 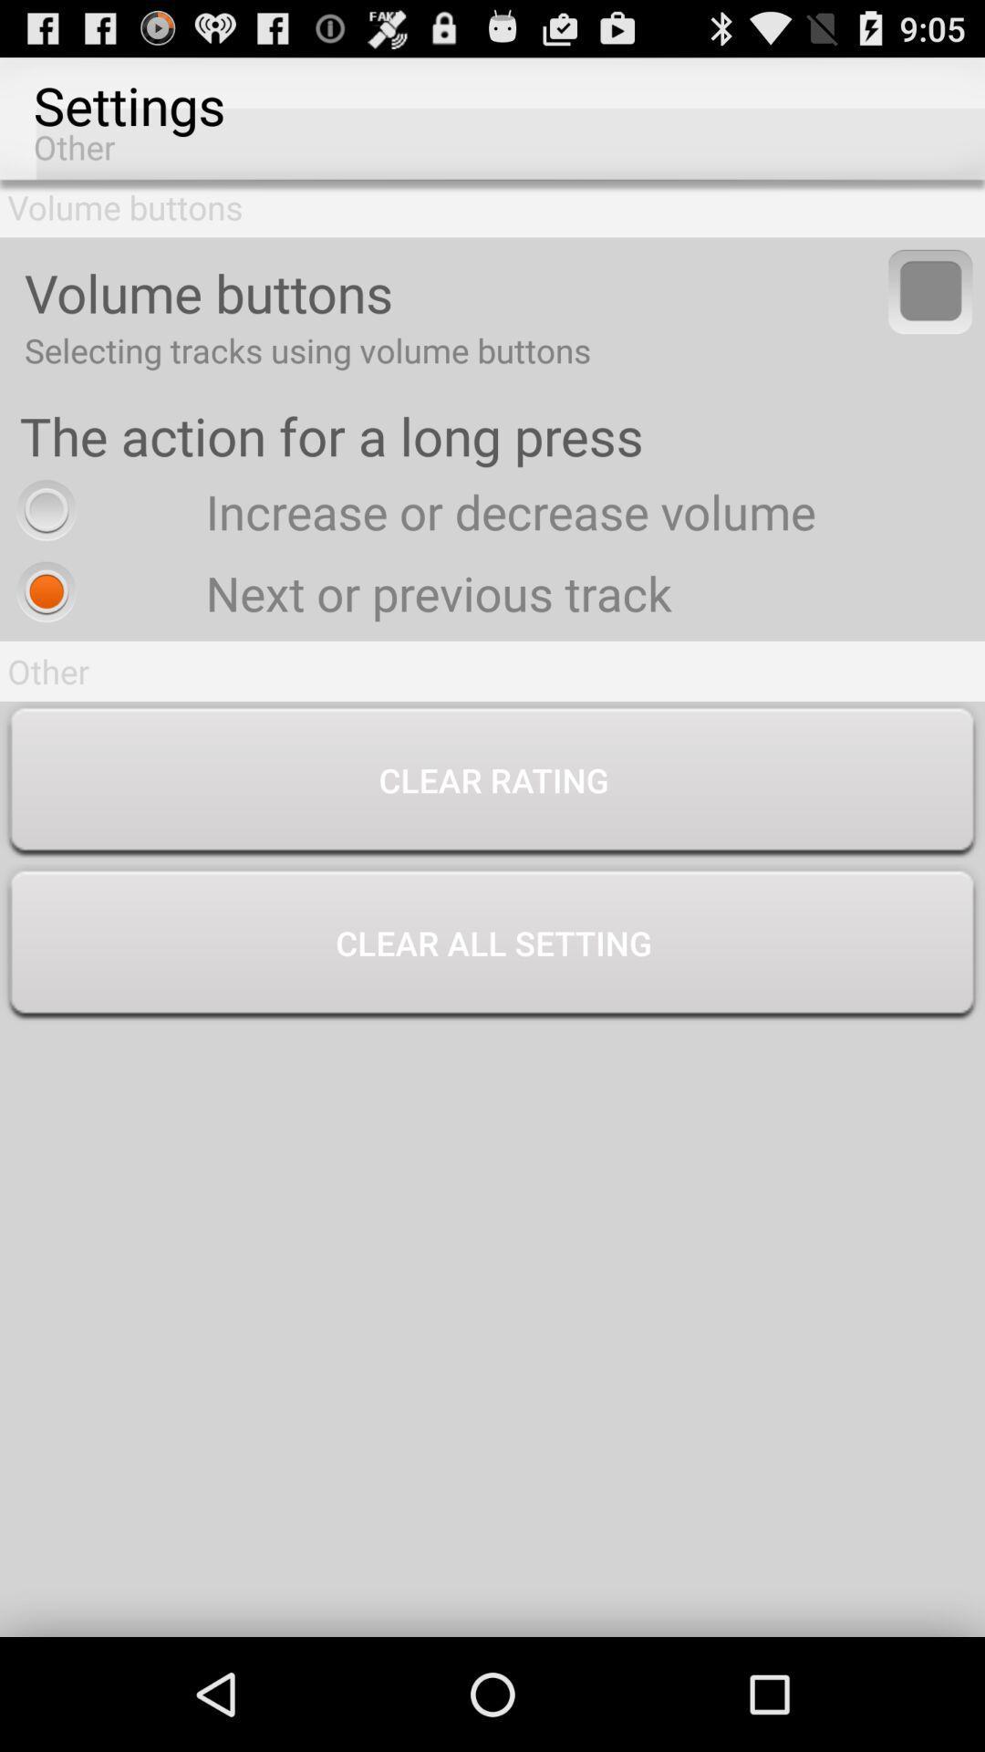 What do you see at coordinates (930, 290) in the screenshot?
I see `switch volume buttons` at bounding box center [930, 290].